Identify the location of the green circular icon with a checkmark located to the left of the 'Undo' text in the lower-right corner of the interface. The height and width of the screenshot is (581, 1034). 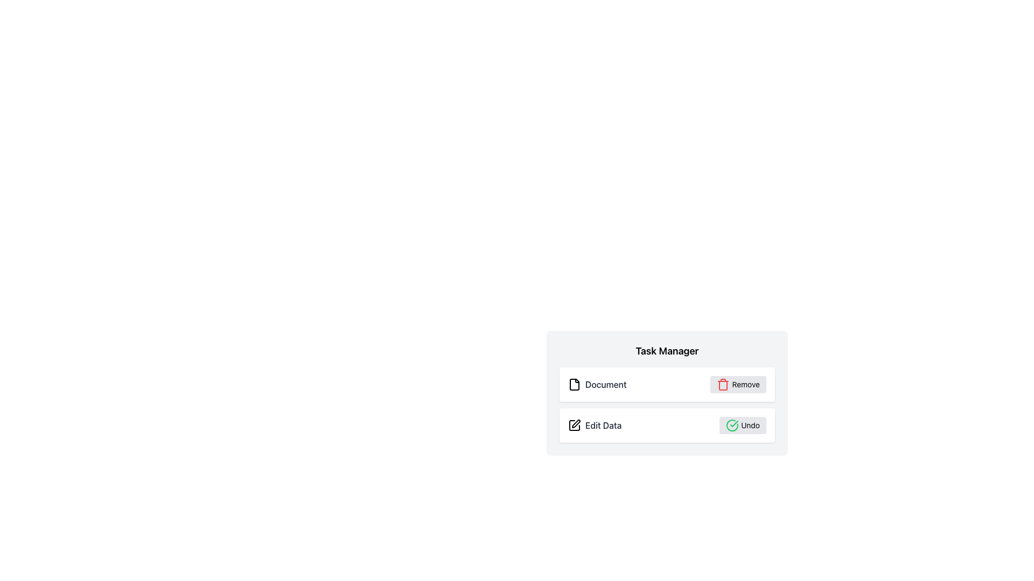
(732, 424).